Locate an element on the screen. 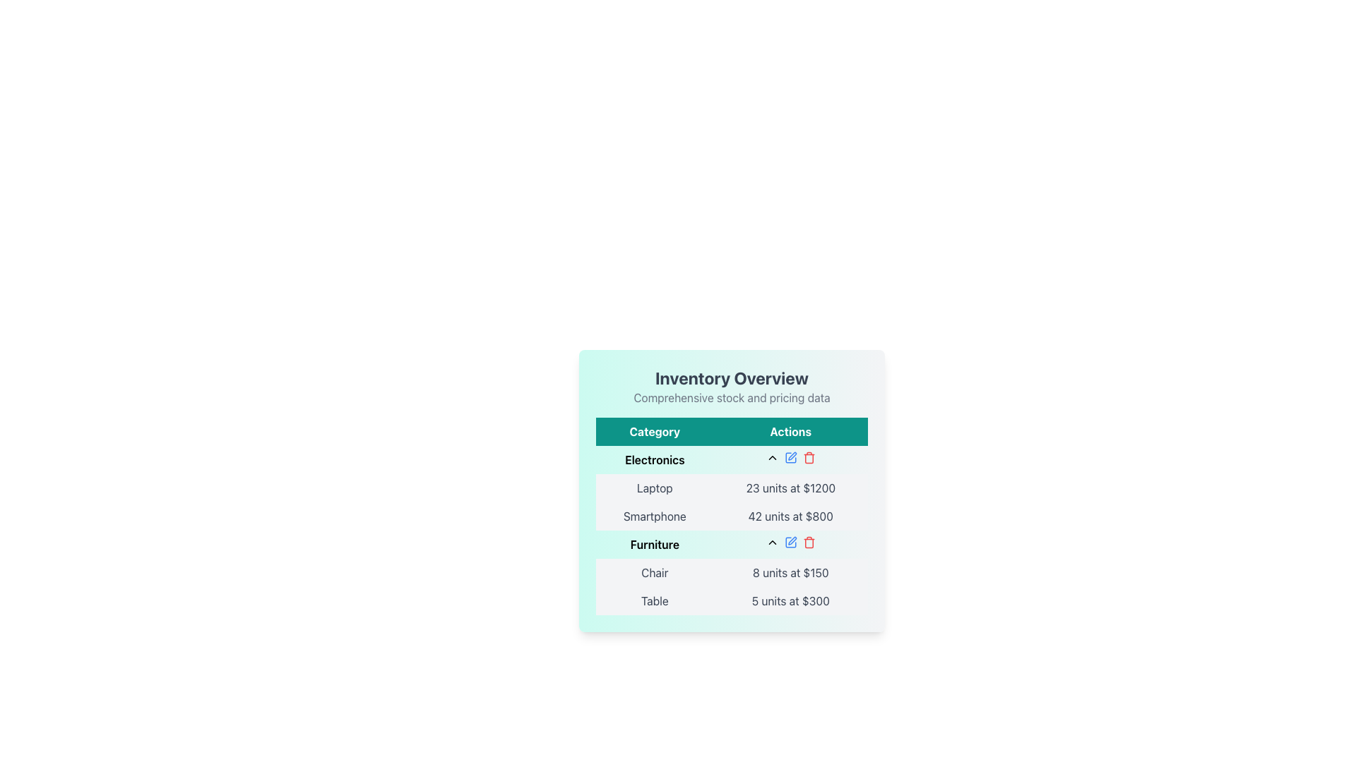 Image resolution: width=1356 pixels, height=762 pixels. the bold text label displaying 'Electronics' located in the first row under the 'Category' header in the grid-like table is located at coordinates (654, 459).